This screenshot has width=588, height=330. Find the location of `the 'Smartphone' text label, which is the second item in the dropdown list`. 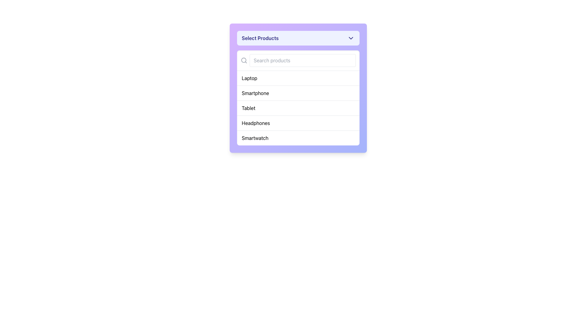

the 'Smartphone' text label, which is the second item in the dropdown list is located at coordinates (255, 93).